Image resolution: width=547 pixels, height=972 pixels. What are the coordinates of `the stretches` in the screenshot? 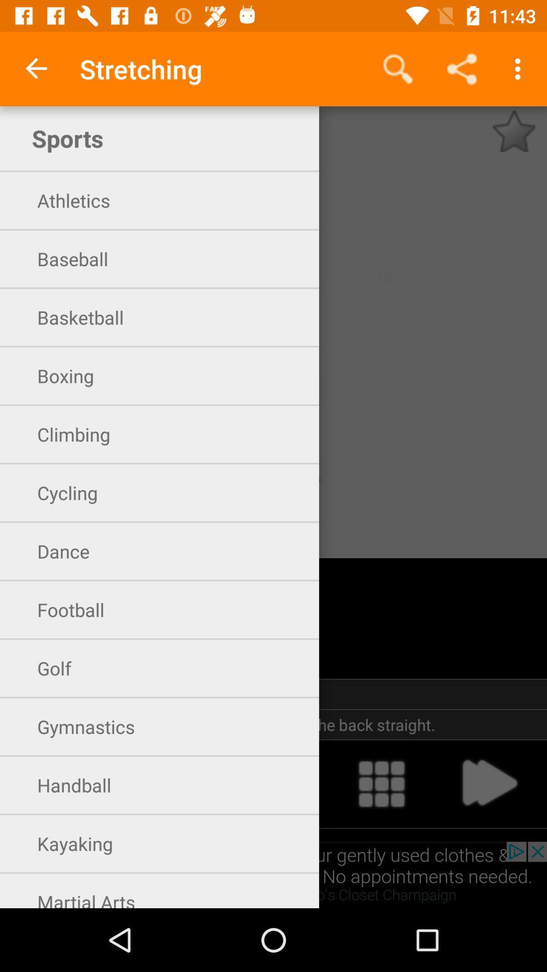 It's located at (514, 131).